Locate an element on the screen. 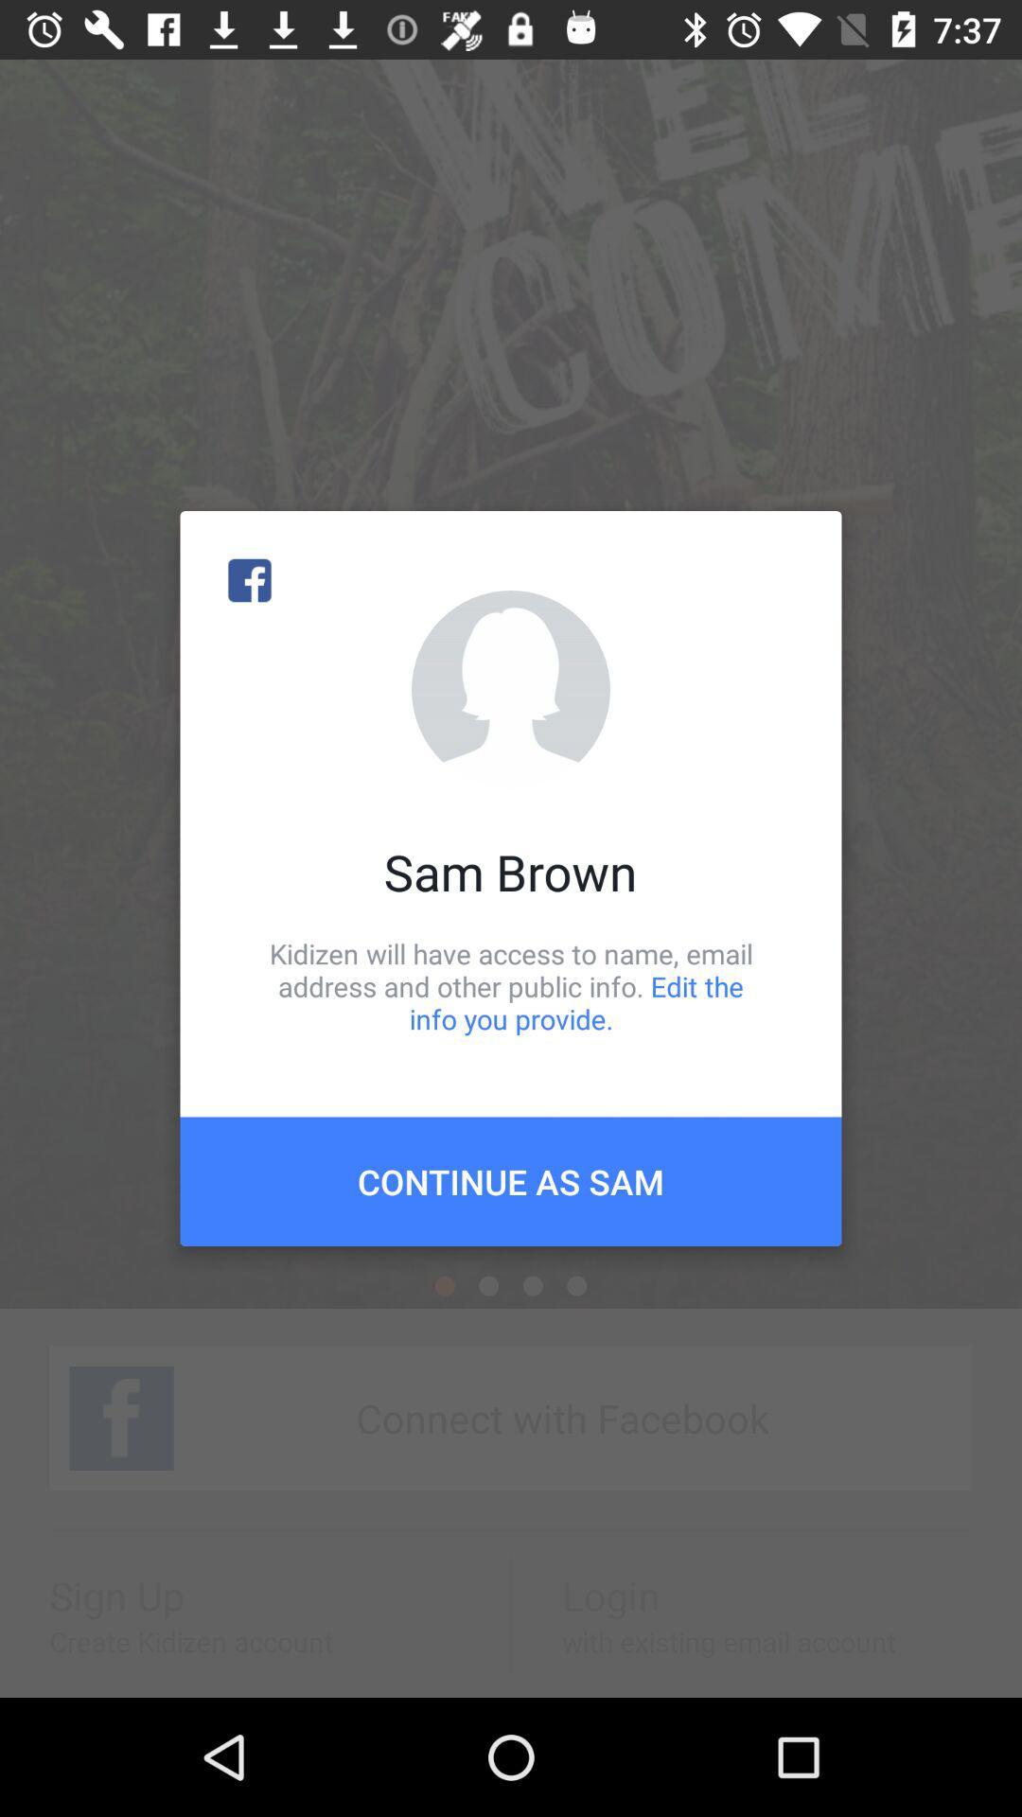 This screenshot has height=1817, width=1022. icon below kidizen will have item is located at coordinates (511, 1180).